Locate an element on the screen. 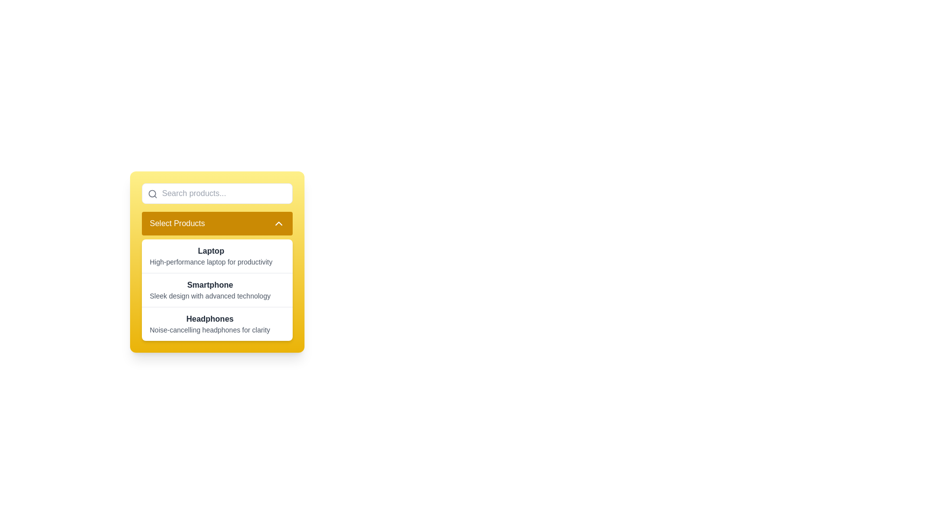 Image resolution: width=946 pixels, height=532 pixels. details associated with the 'Laptop' category displayed in the first item of the list below the header 'Select Products' is located at coordinates (210, 256).